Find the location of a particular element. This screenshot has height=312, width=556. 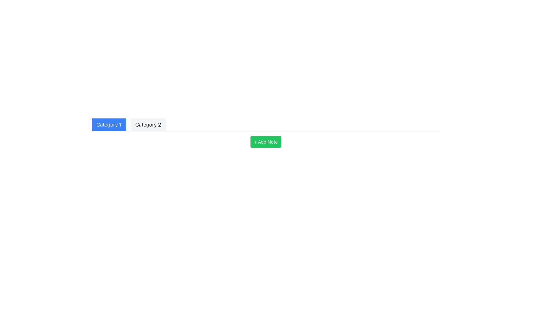

the 'Category 1' button with a blue background and white text is located at coordinates (109, 125).